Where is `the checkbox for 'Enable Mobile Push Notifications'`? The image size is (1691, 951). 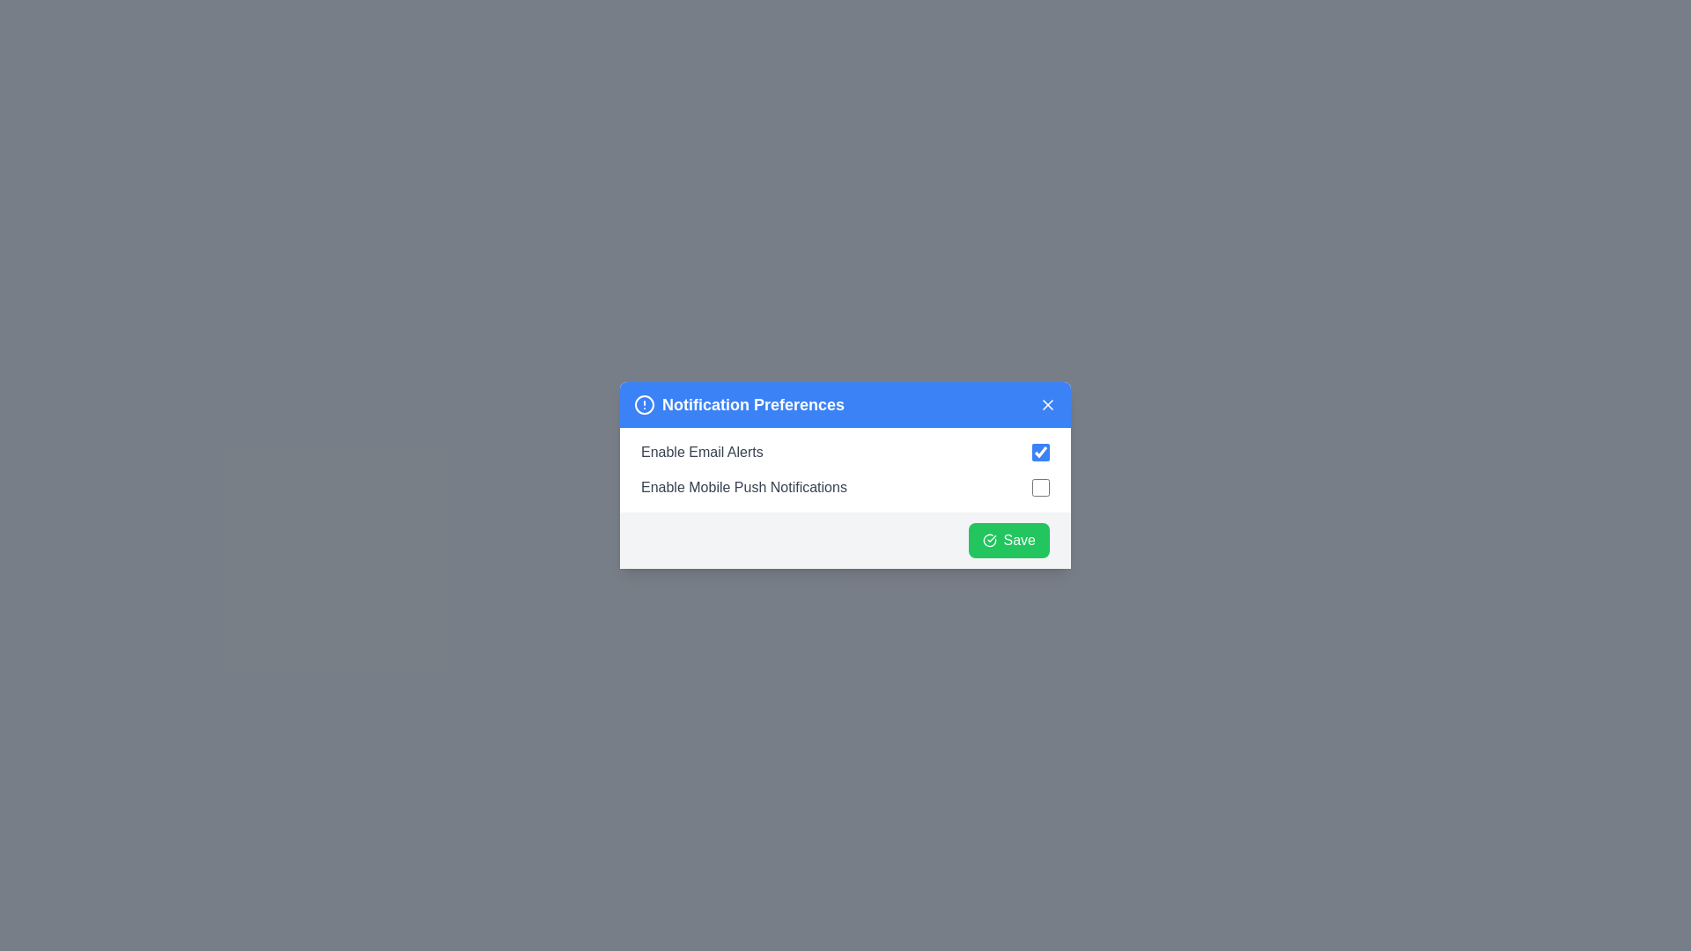
the checkbox for 'Enable Mobile Push Notifications' is located at coordinates (1040, 488).